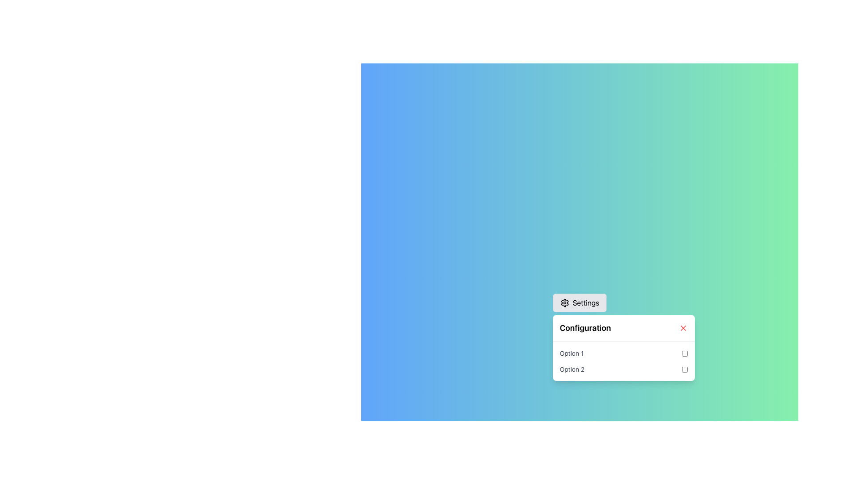 Image resolution: width=852 pixels, height=479 pixels. I want to click on the checkbox located on the right side of the 'Option 2' label, so click(684, 369).